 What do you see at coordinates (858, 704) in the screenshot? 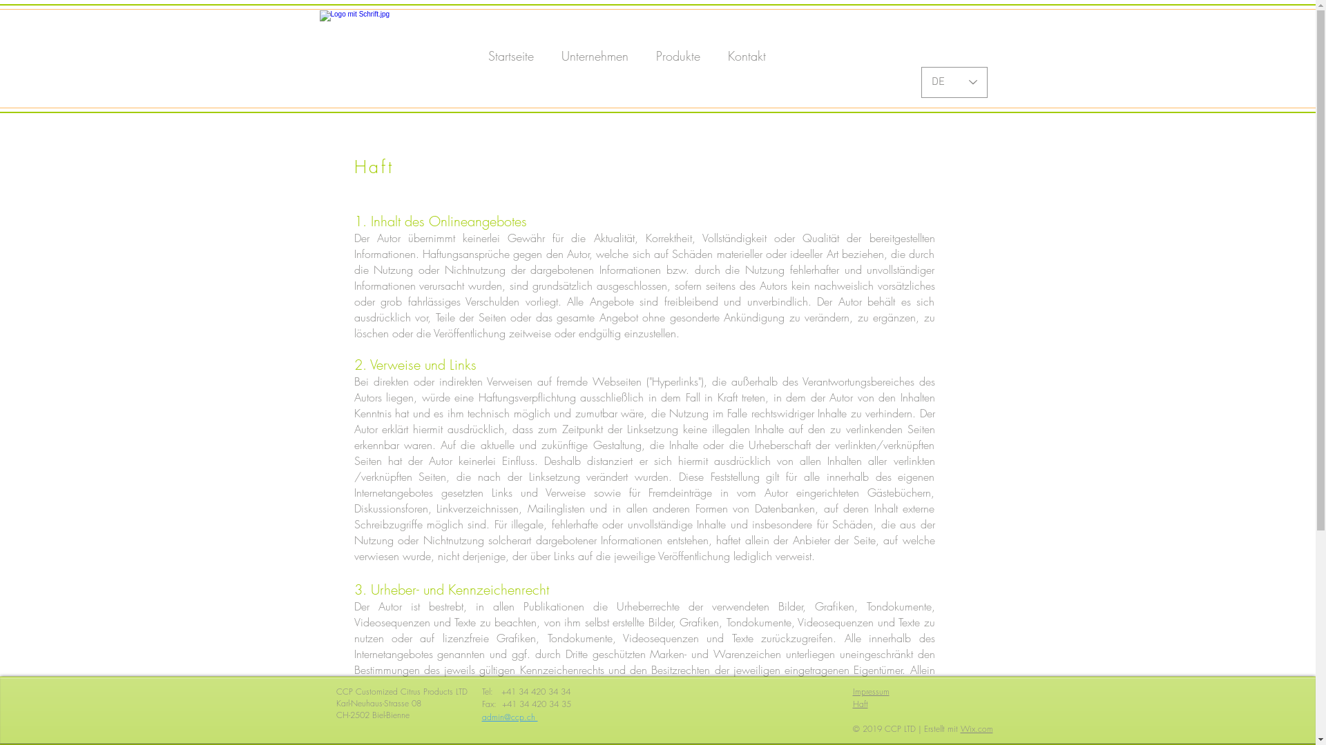
I see `'Haft'` at bounding box center [858, 704].